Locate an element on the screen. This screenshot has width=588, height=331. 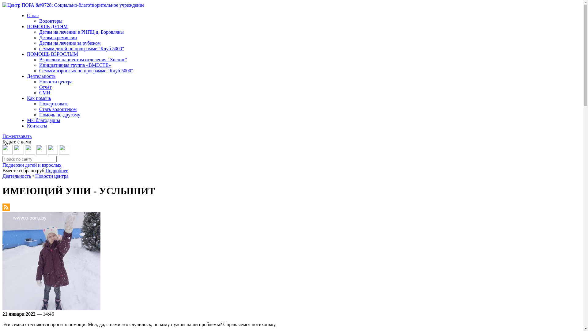
'RSS' is located at coordinates (6, 209).